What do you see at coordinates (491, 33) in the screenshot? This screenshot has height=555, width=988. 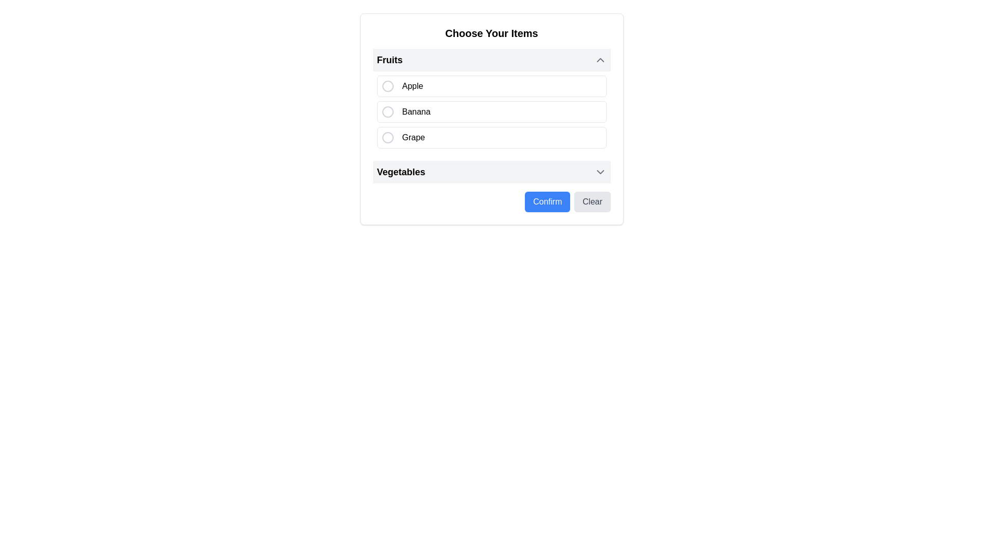 I see `title of the heading located at the top of the card displaying selectable items, which serves as the primary title for the section` at bounding box center [491, 33].